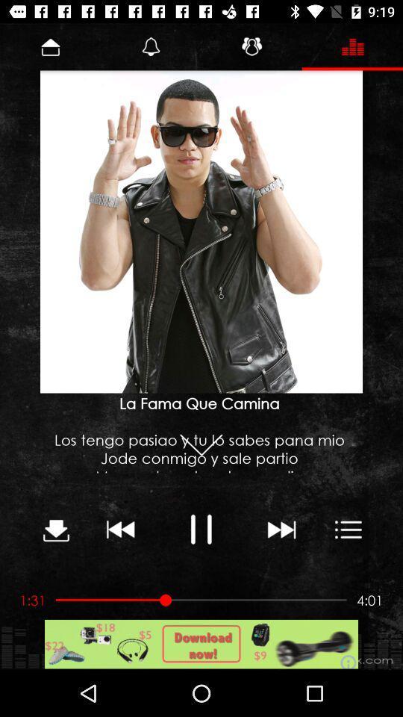 This screenshot has height=717, width=403. Describe the element at coordinates (120, 529) in the screenshot. I see `the av_rewind icon` at that location.